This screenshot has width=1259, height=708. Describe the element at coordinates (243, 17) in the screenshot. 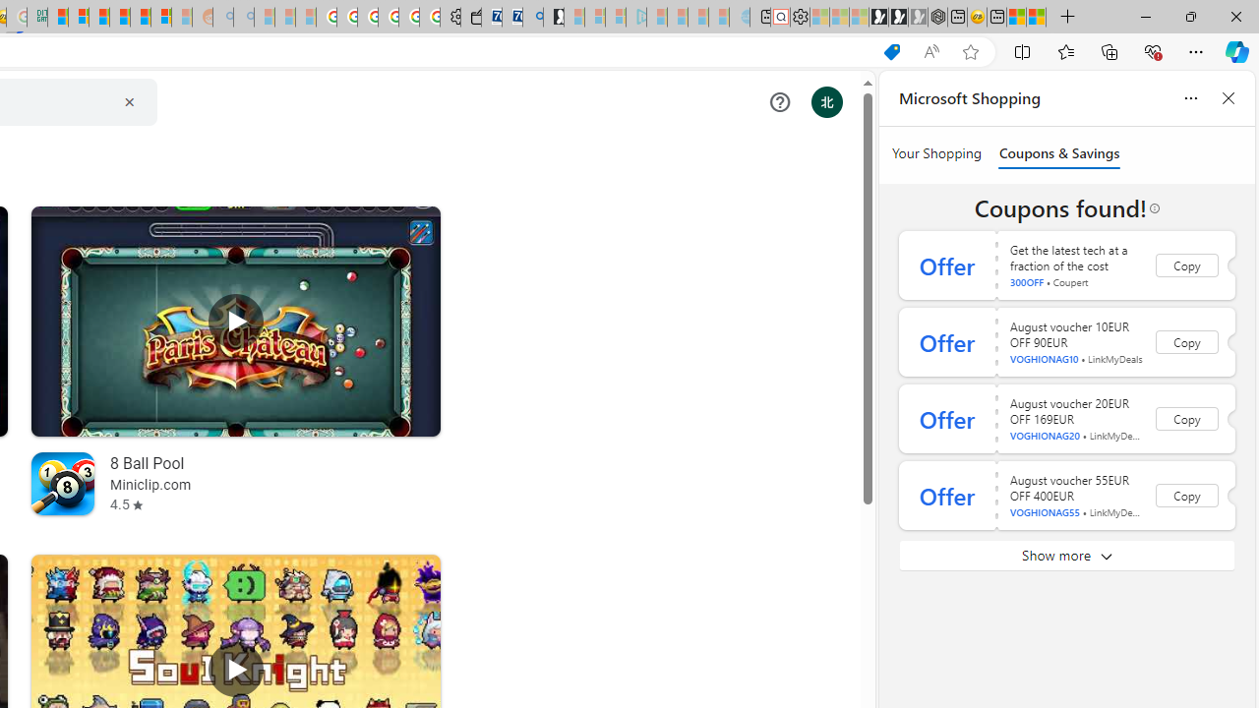

I see `'Utah sues federal government - Search - Sleeping'` at that location.